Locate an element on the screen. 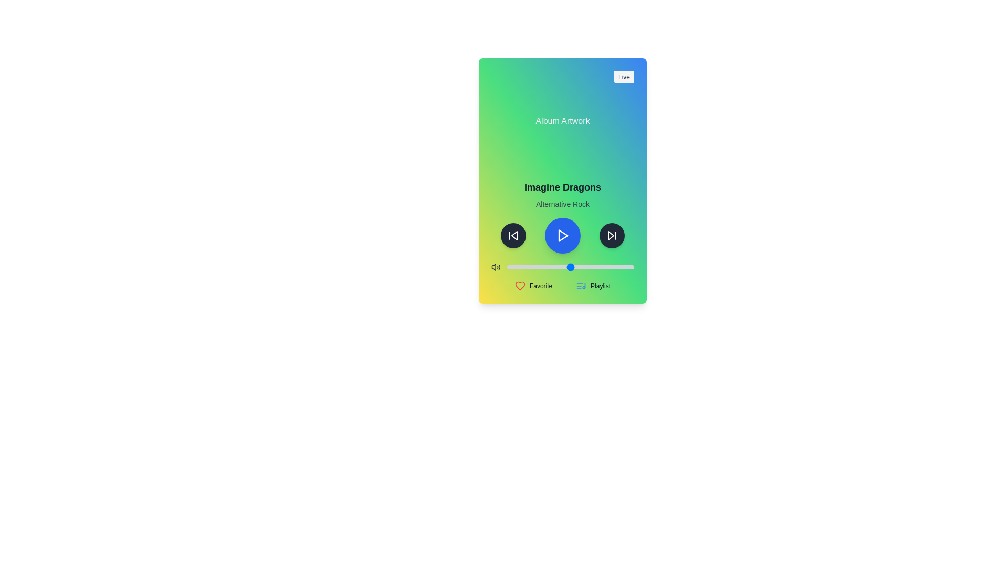 The image size is (1008, 567). the favorite icon is located at coordinates (533, 286).